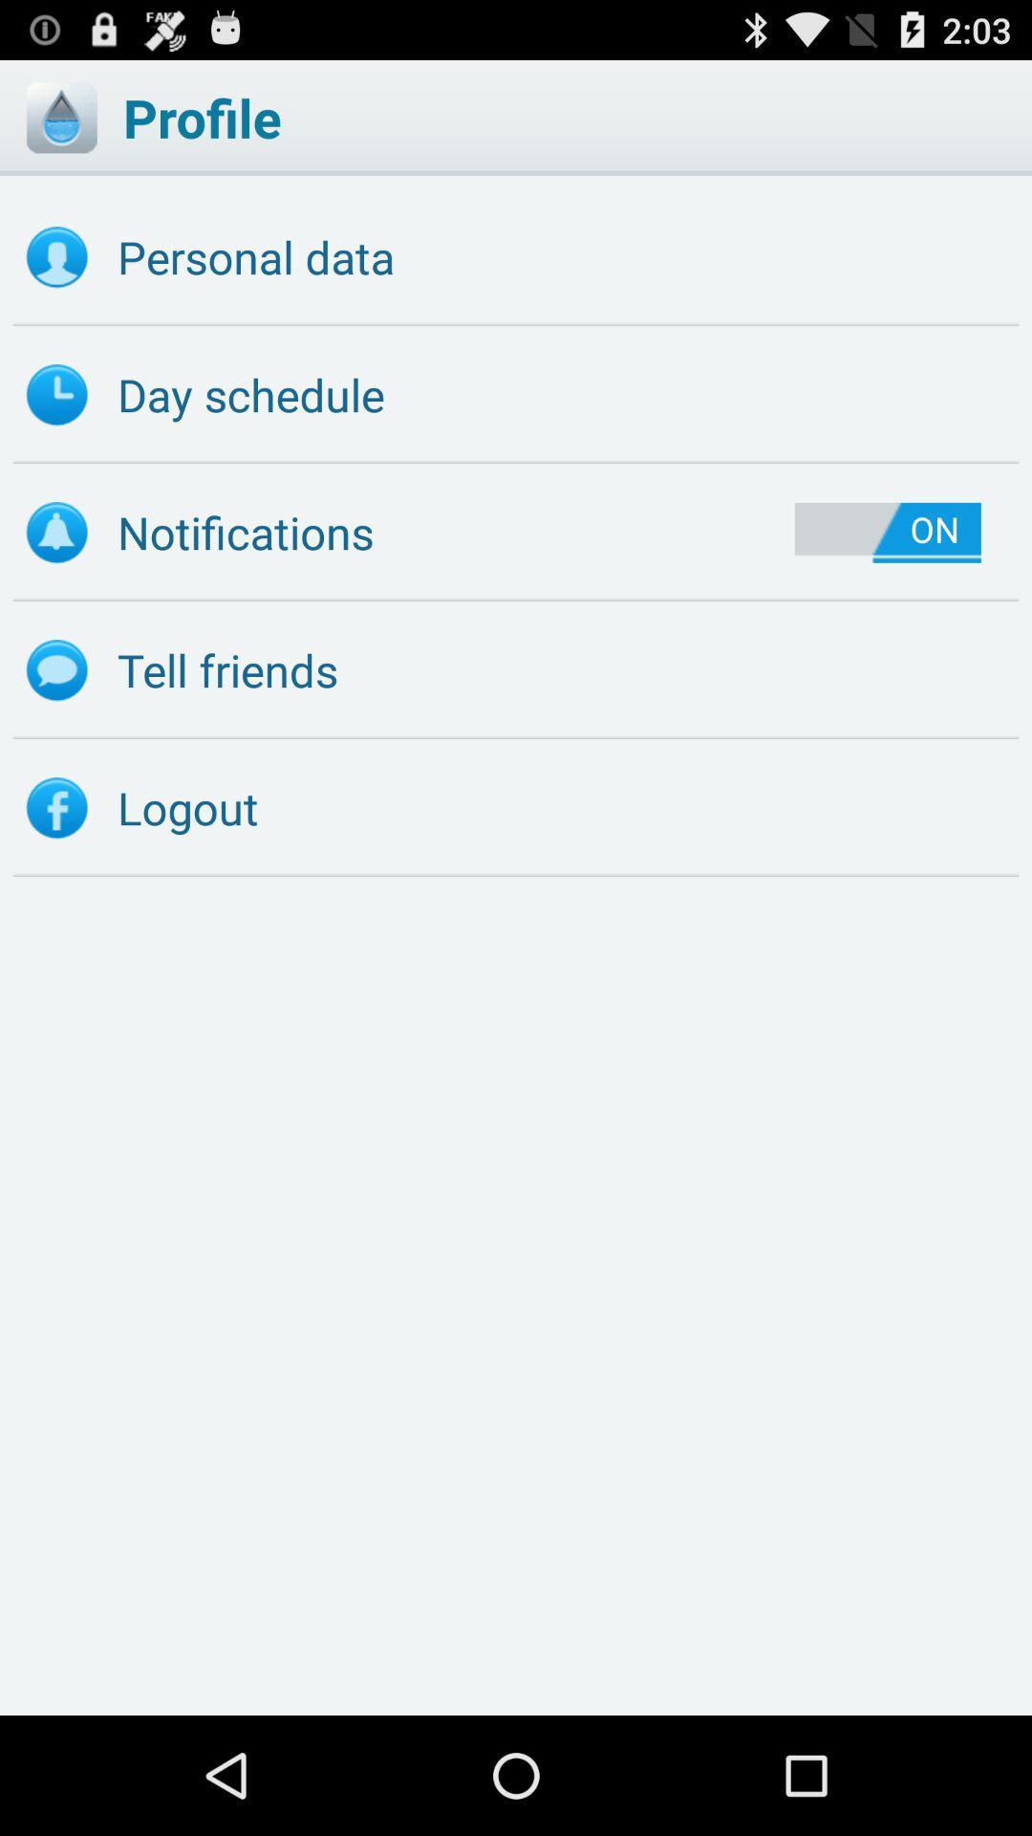 The width and height of the screenshot is (1032, 1836). I want to click on day schedule item, so click(516, 394).